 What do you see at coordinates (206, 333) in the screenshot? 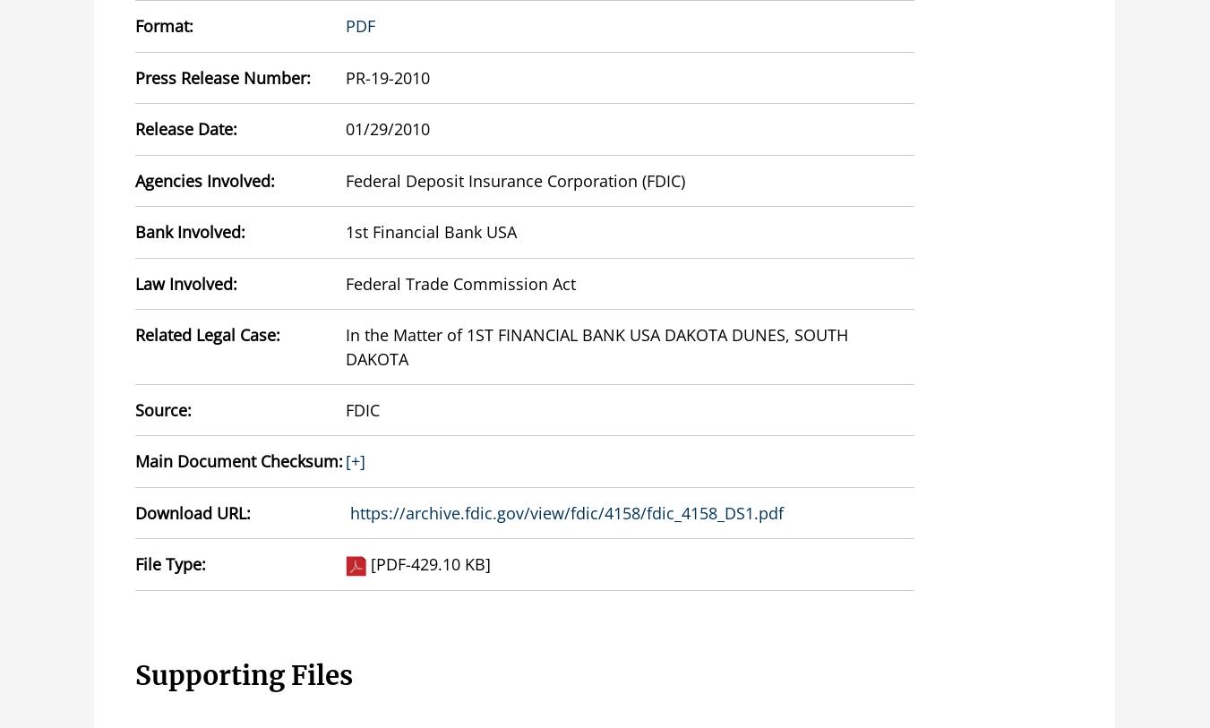
I see `'Related Legal Case:'` at bounding box center [206, 333].